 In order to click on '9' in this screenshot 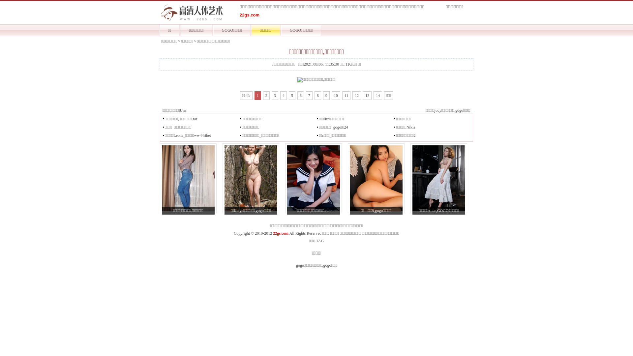, I will do `click(326, 95)`.